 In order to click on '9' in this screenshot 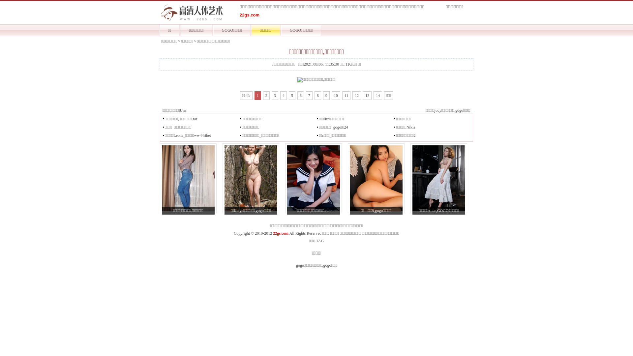, I will do `click(326, 95)`.